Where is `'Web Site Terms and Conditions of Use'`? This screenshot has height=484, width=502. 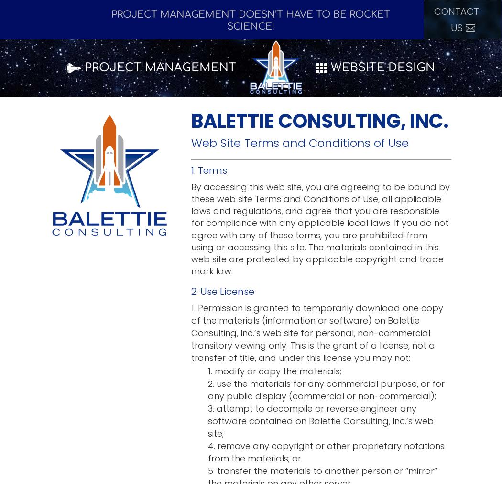
'Web Site Terms and Conditions of Use' is located at coordinates (300, 143).